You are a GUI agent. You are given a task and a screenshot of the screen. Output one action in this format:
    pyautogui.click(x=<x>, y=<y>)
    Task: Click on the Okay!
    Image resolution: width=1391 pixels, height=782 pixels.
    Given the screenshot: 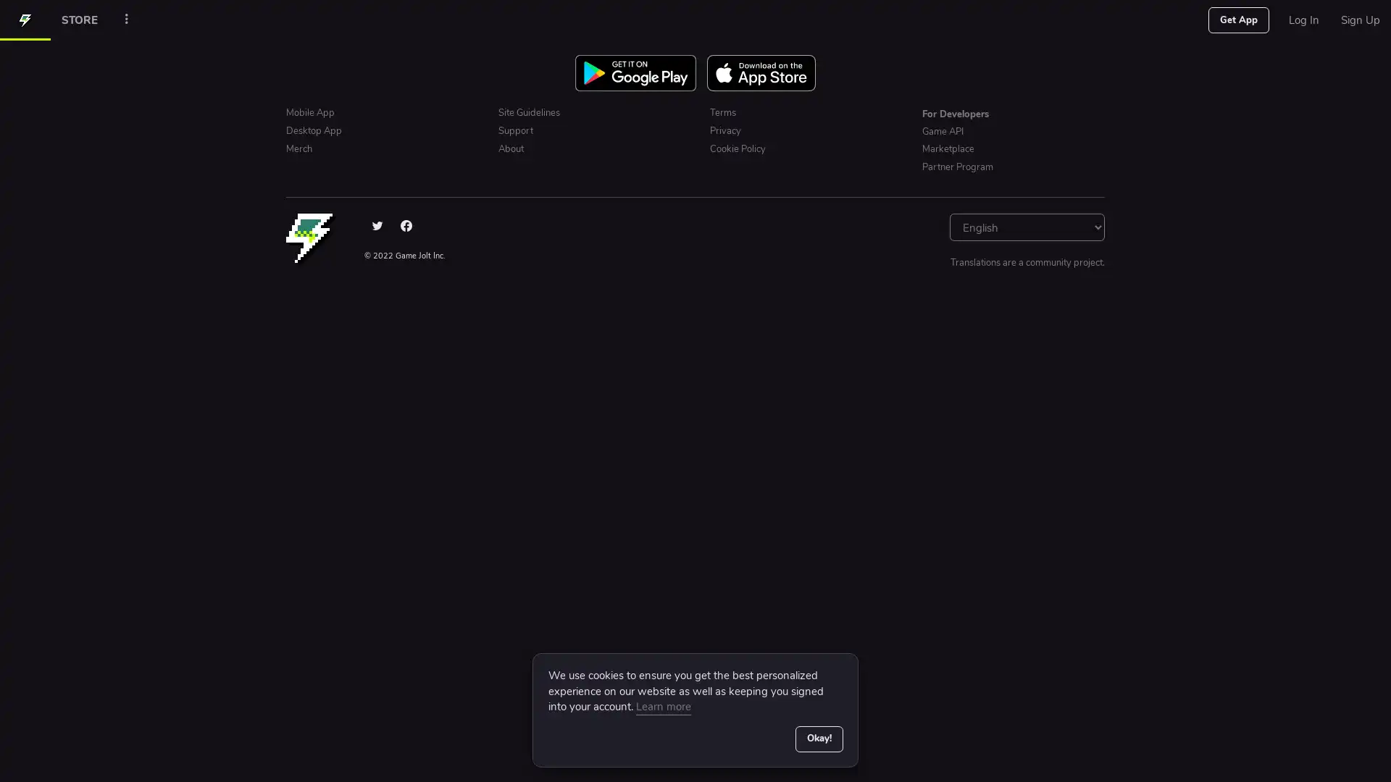 What is the action you would take?
    pyautogui.click(x=818, y=738)
    